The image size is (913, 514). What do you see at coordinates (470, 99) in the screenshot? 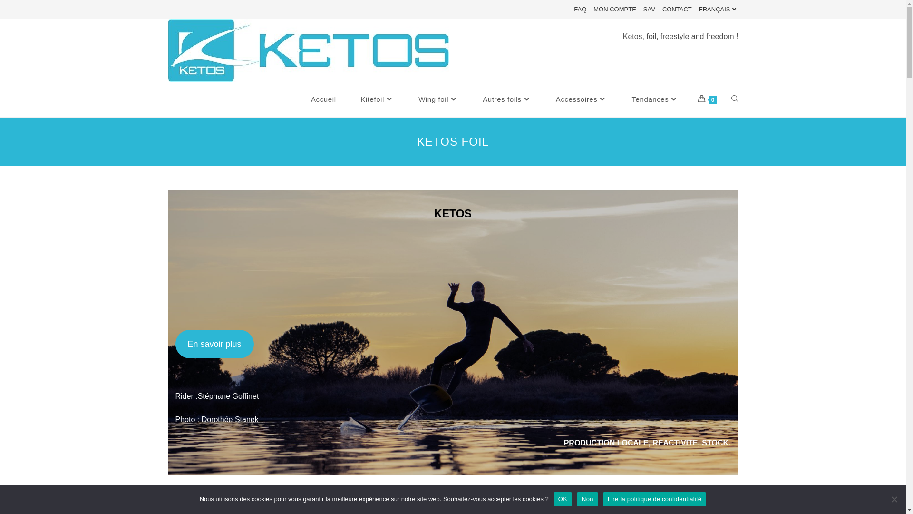
I see `'Autres foils'` at bounding box center [470, 99].